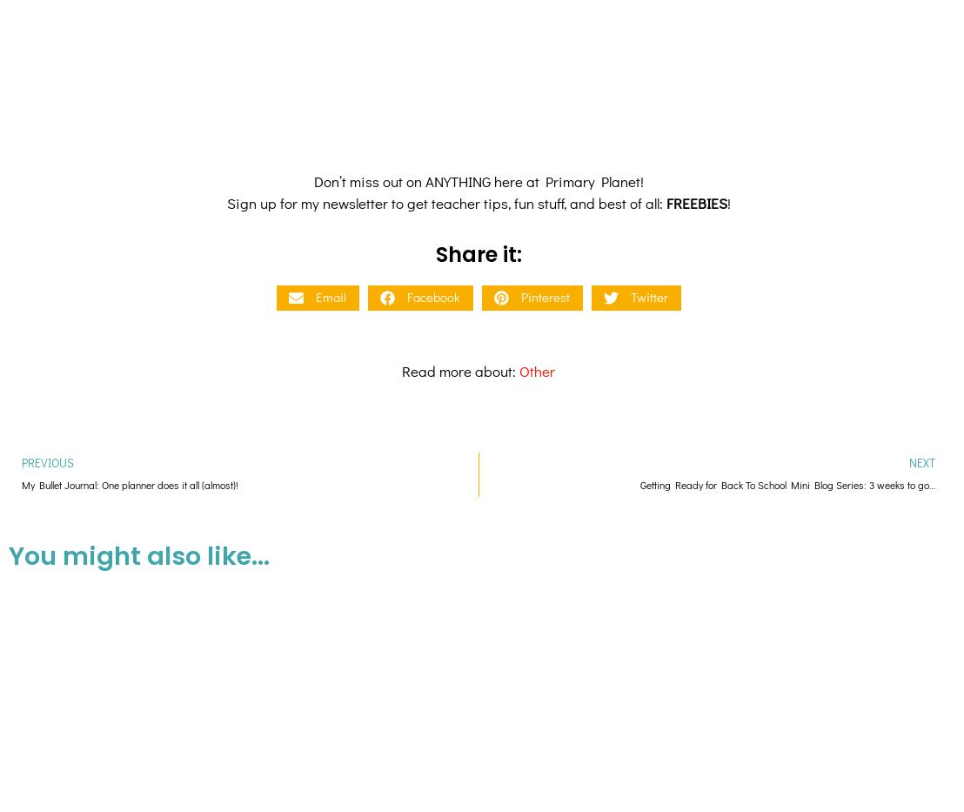 This screenshot has width=964, height=812. I want to click on 'Facebook', so click(432, 149).